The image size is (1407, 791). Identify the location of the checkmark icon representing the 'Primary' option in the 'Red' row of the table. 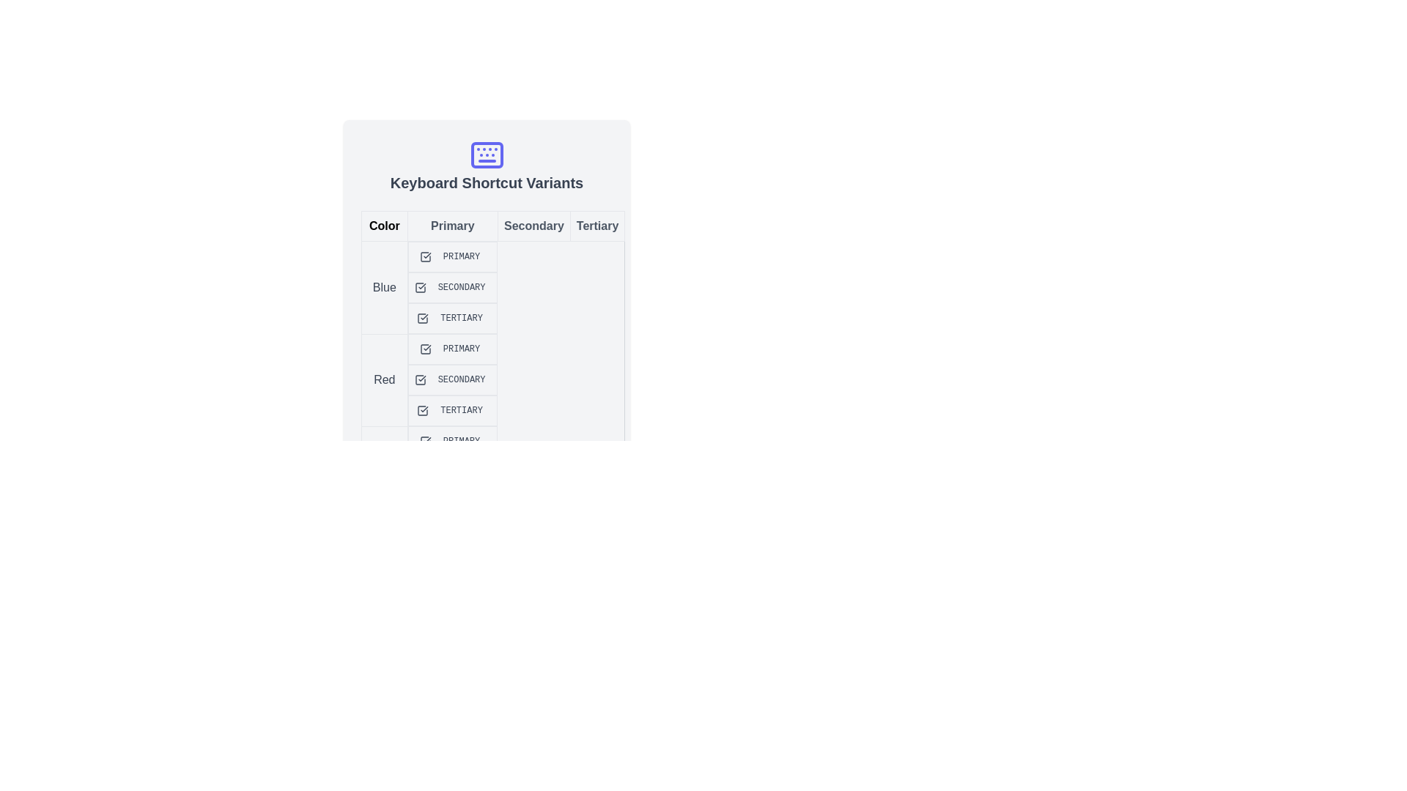
(424, 440).